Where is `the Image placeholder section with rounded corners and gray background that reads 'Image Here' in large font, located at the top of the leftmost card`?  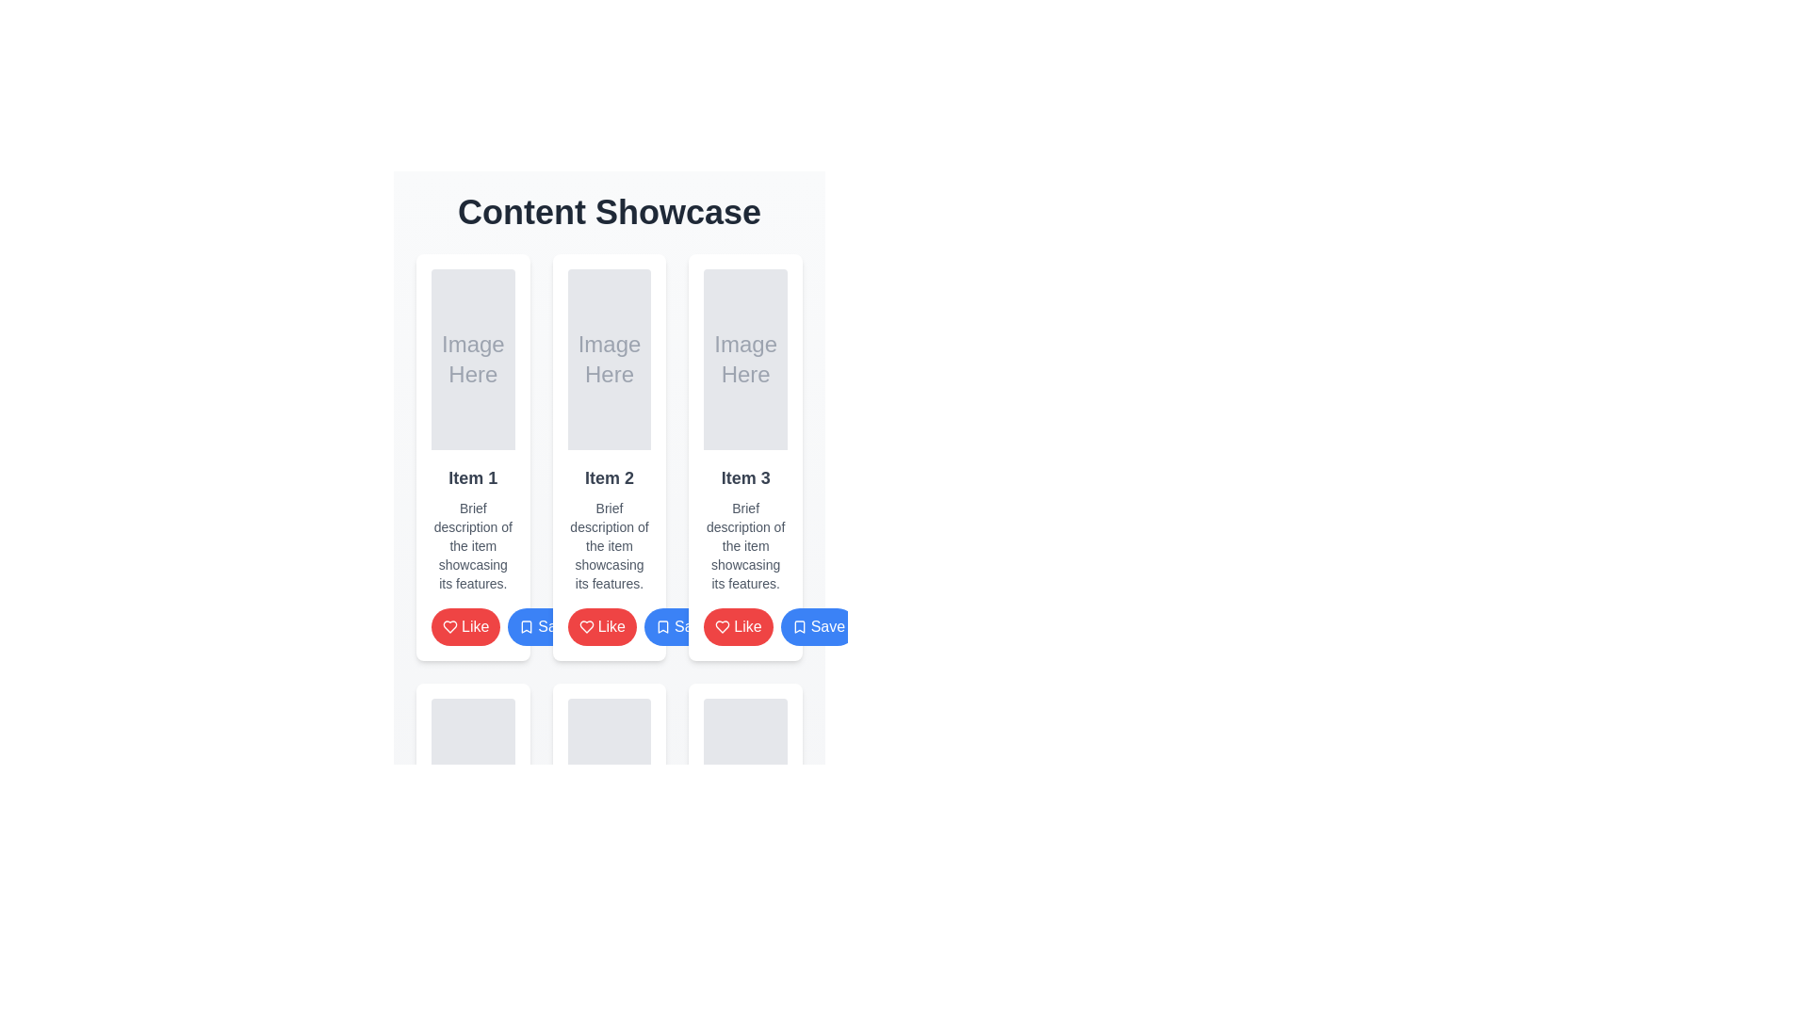
the Image placeholder section with rounded corners and gray background that reads 'Image Here' in large font, located at the top of the leftmost card is located at coordinates (473, 359).